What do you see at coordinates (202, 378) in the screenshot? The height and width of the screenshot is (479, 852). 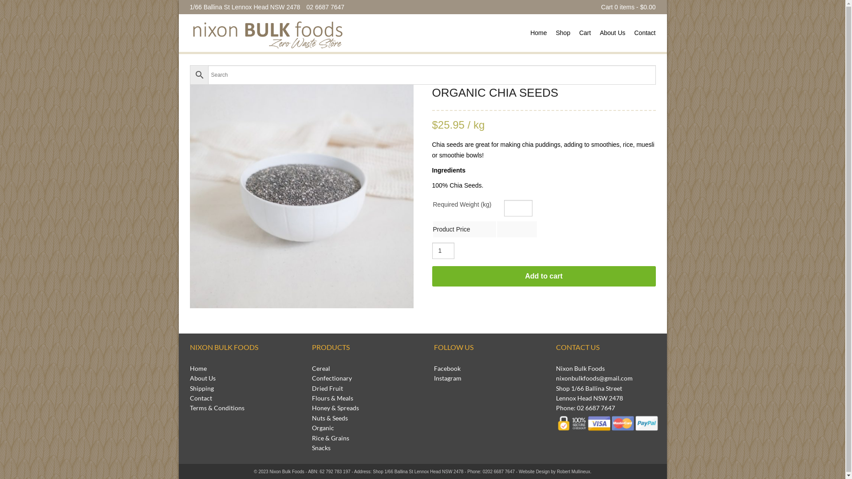 I see `'About Us'` at bounding box center [202, 378].